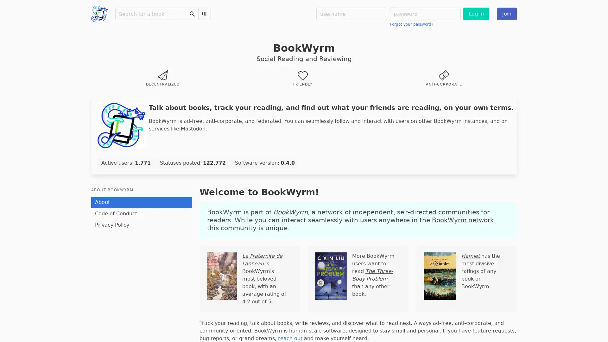  What do you see at coordinates (192, 14) in the screenshot?
I see `Search` at bounding box center [192, 14].